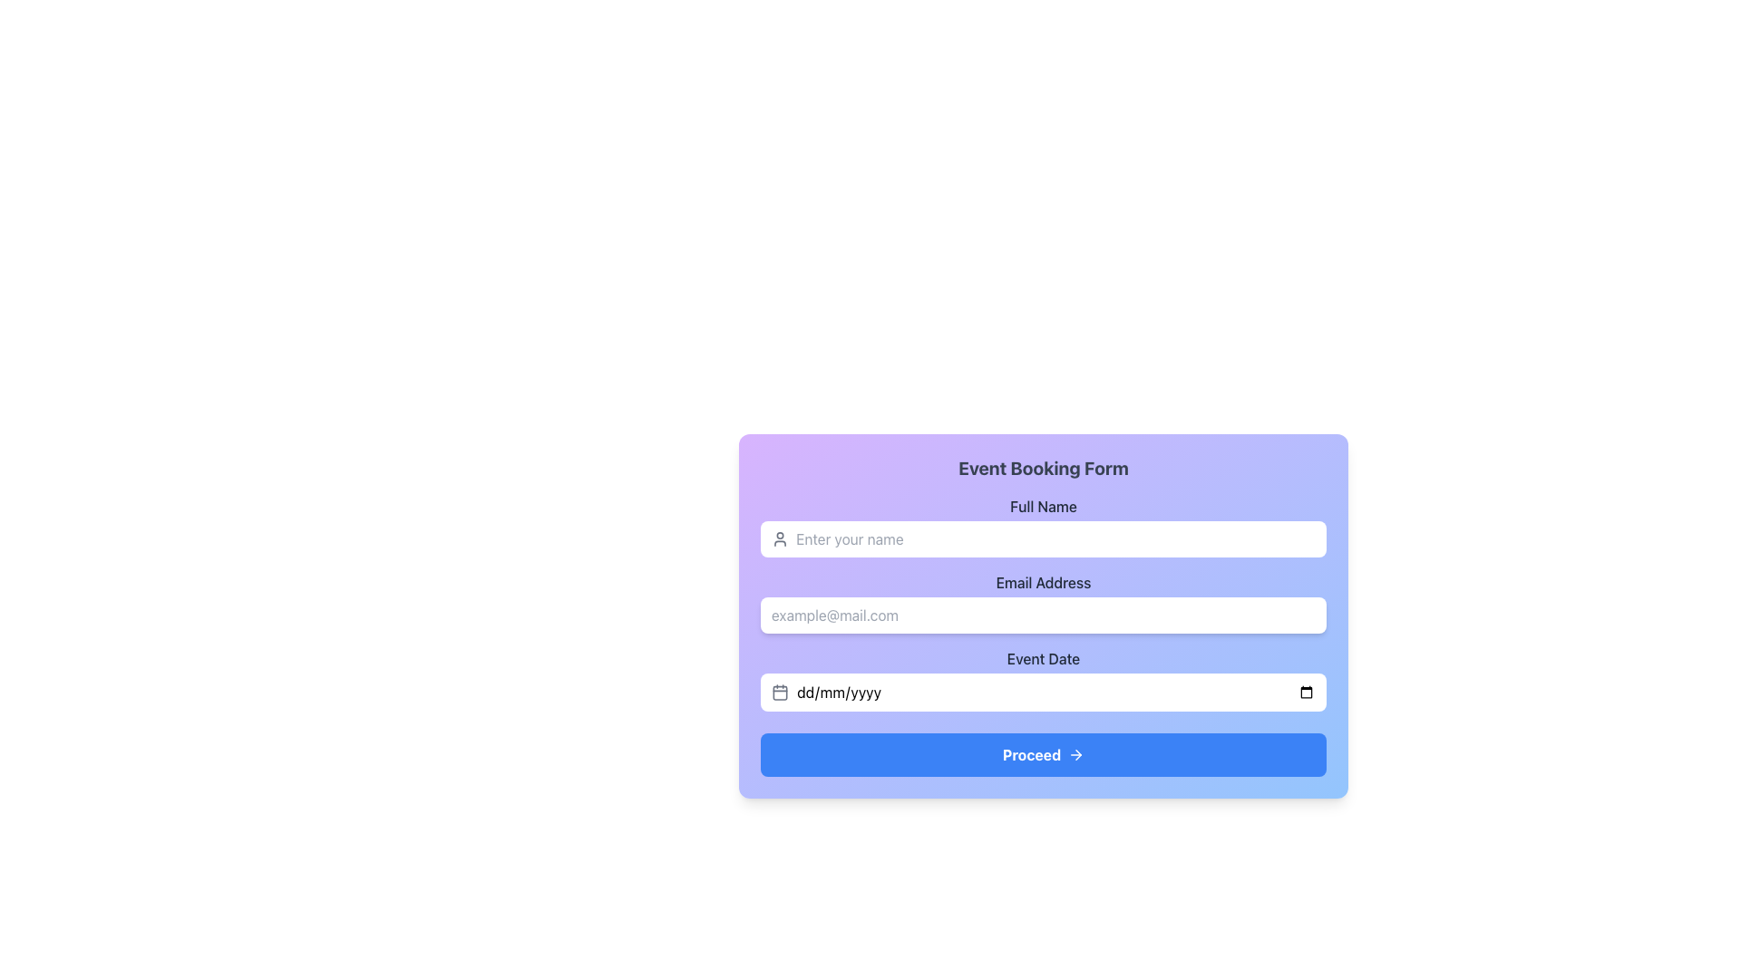 Image resolution: width=1741 pixels, height=979 pixels. I want to click on to select text in the Input Field labeled for entering full name, located below the 'Event Booking Form' title, so click(1044, 527).